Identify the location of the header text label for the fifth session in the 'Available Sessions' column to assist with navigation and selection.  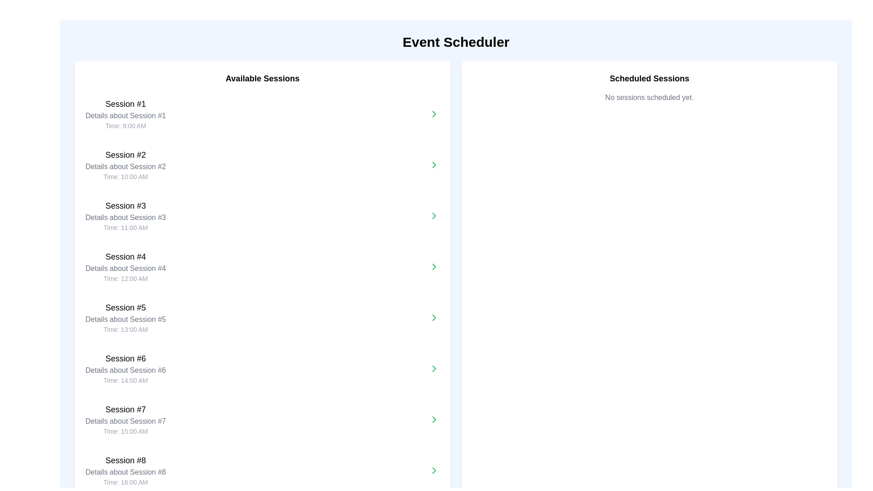
(125, 307).